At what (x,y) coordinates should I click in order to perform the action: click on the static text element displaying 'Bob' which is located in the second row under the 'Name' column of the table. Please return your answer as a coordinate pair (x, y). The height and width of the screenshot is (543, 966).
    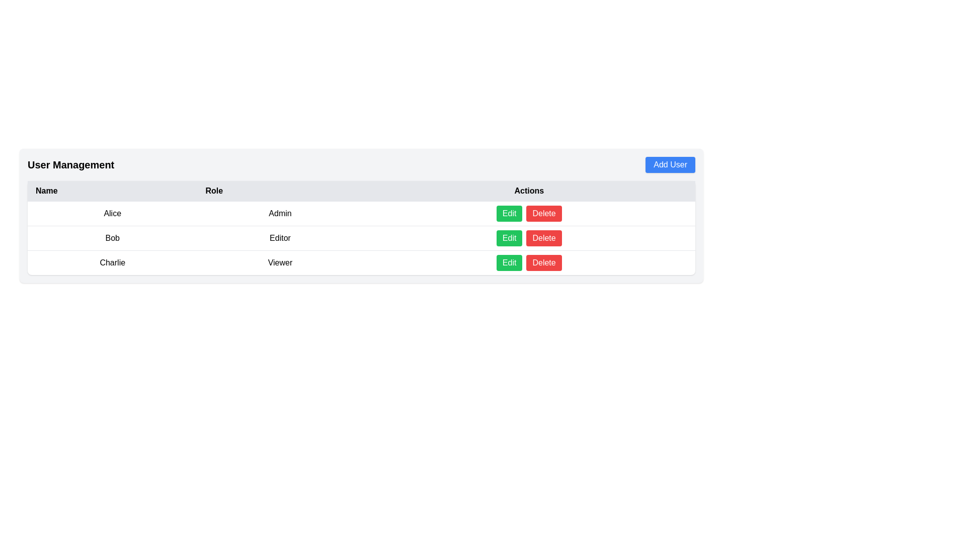
    Looking at the image, I should click on (112, 238).